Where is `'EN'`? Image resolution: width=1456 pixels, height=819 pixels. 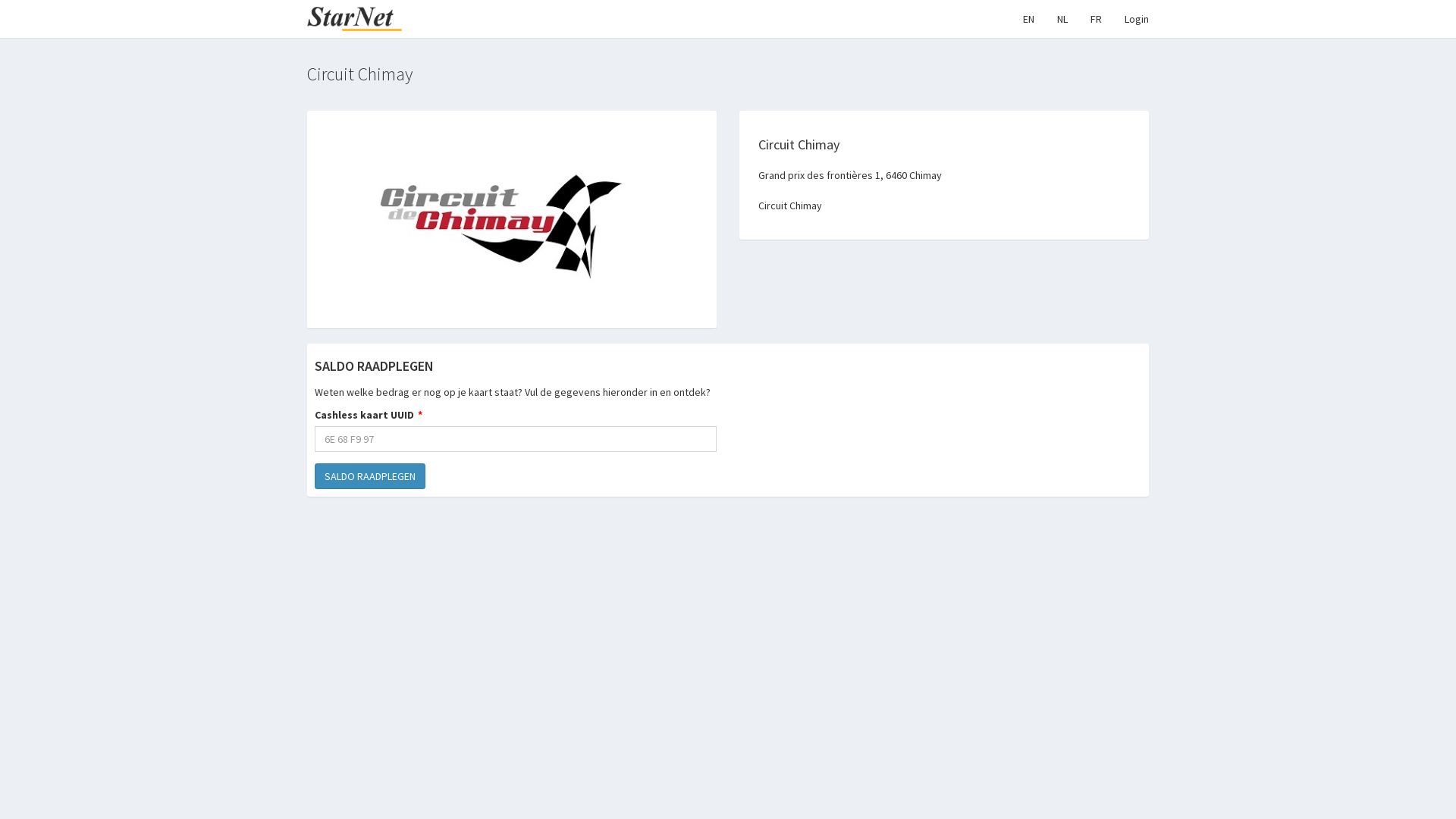 'EN' is located at coordinates (1012, 18).